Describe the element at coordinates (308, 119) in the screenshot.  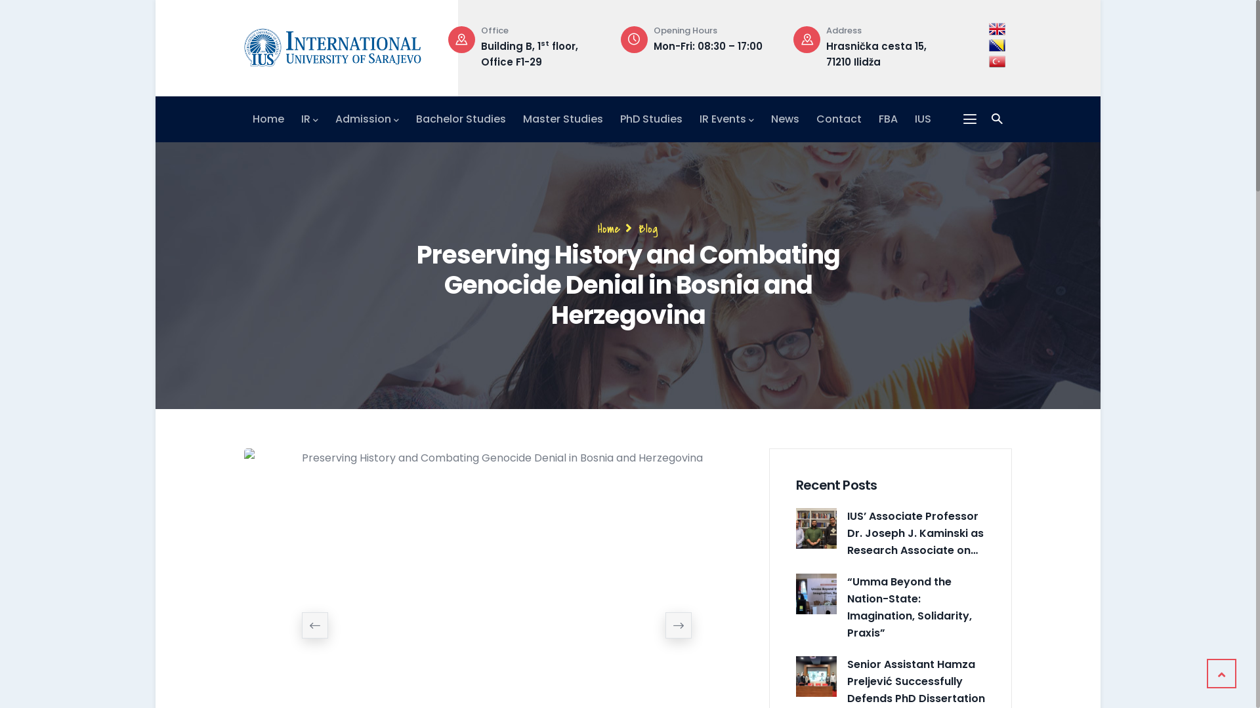
I see `'IR'` at that location.